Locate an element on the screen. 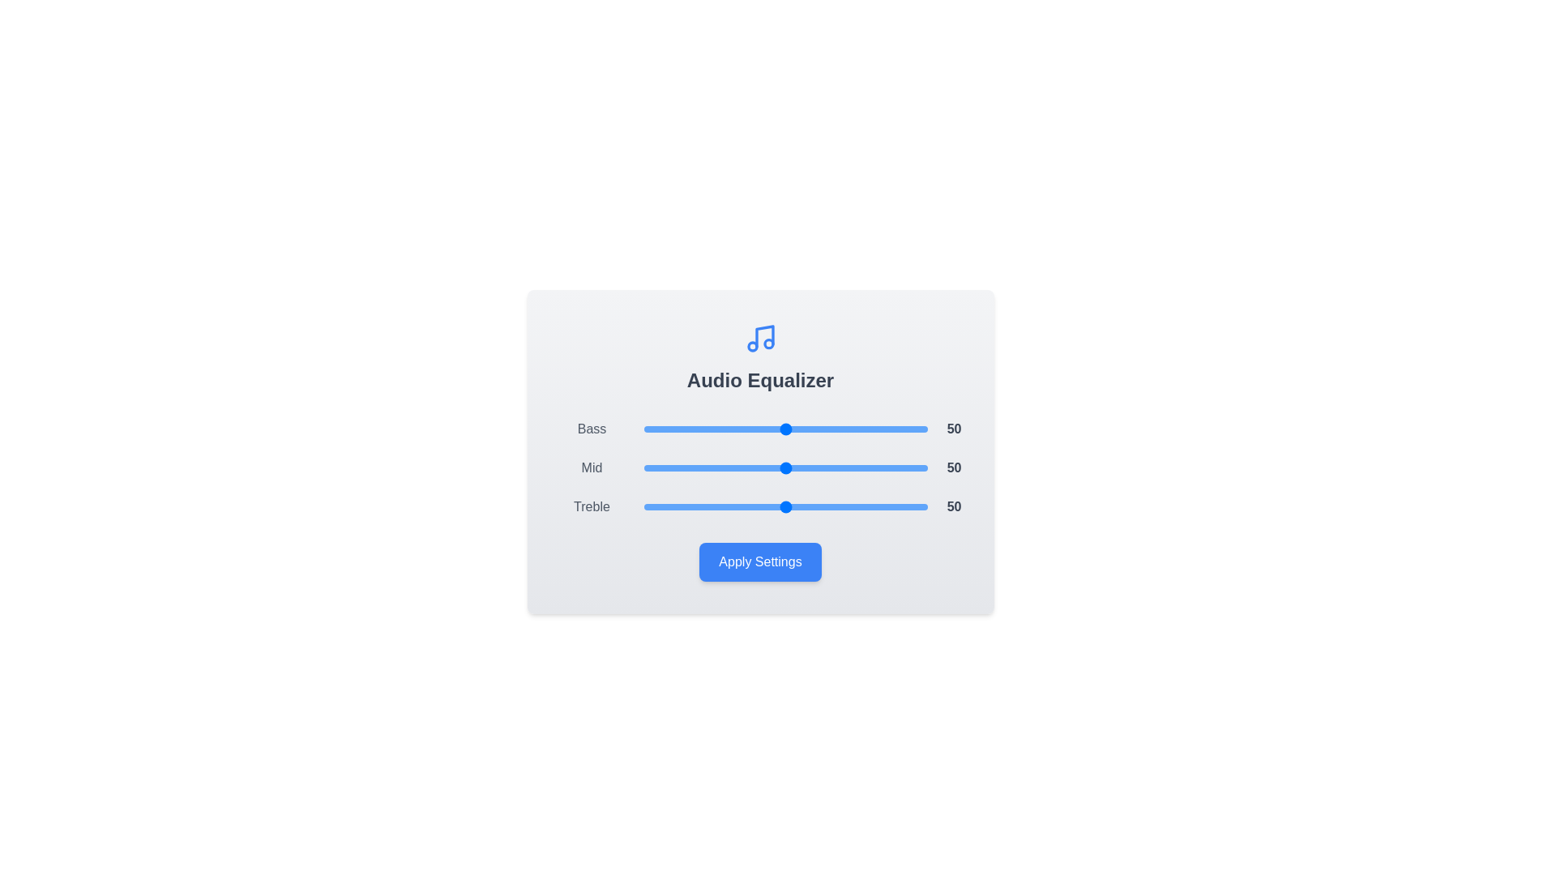 Image resolution: width=1556 pixels, height=875 pixels. the Treble slider to 9 is located at coordinates (669, 506).